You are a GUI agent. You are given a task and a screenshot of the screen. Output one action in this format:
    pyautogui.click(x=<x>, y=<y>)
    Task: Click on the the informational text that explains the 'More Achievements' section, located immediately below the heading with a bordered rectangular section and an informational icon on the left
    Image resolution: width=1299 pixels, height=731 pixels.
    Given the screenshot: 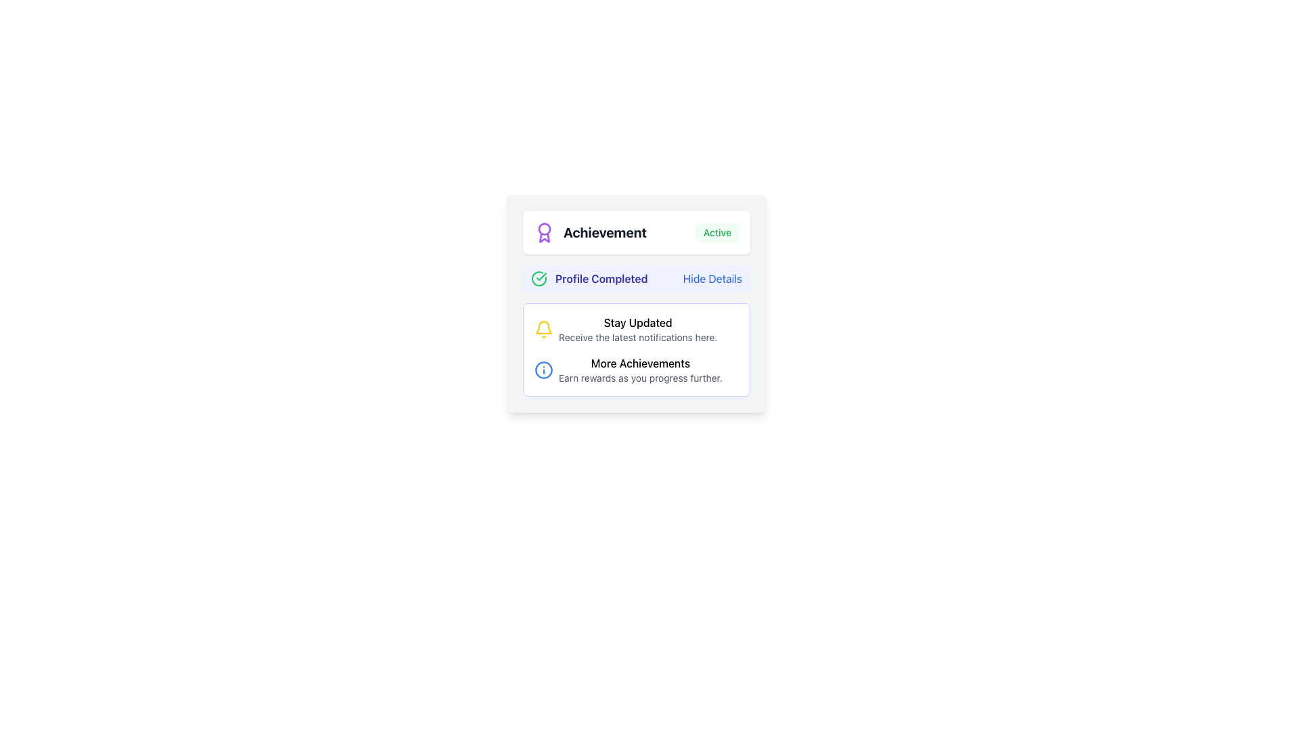 What is the action you would take?
    pyautogui.click(x=639, y=378)
    